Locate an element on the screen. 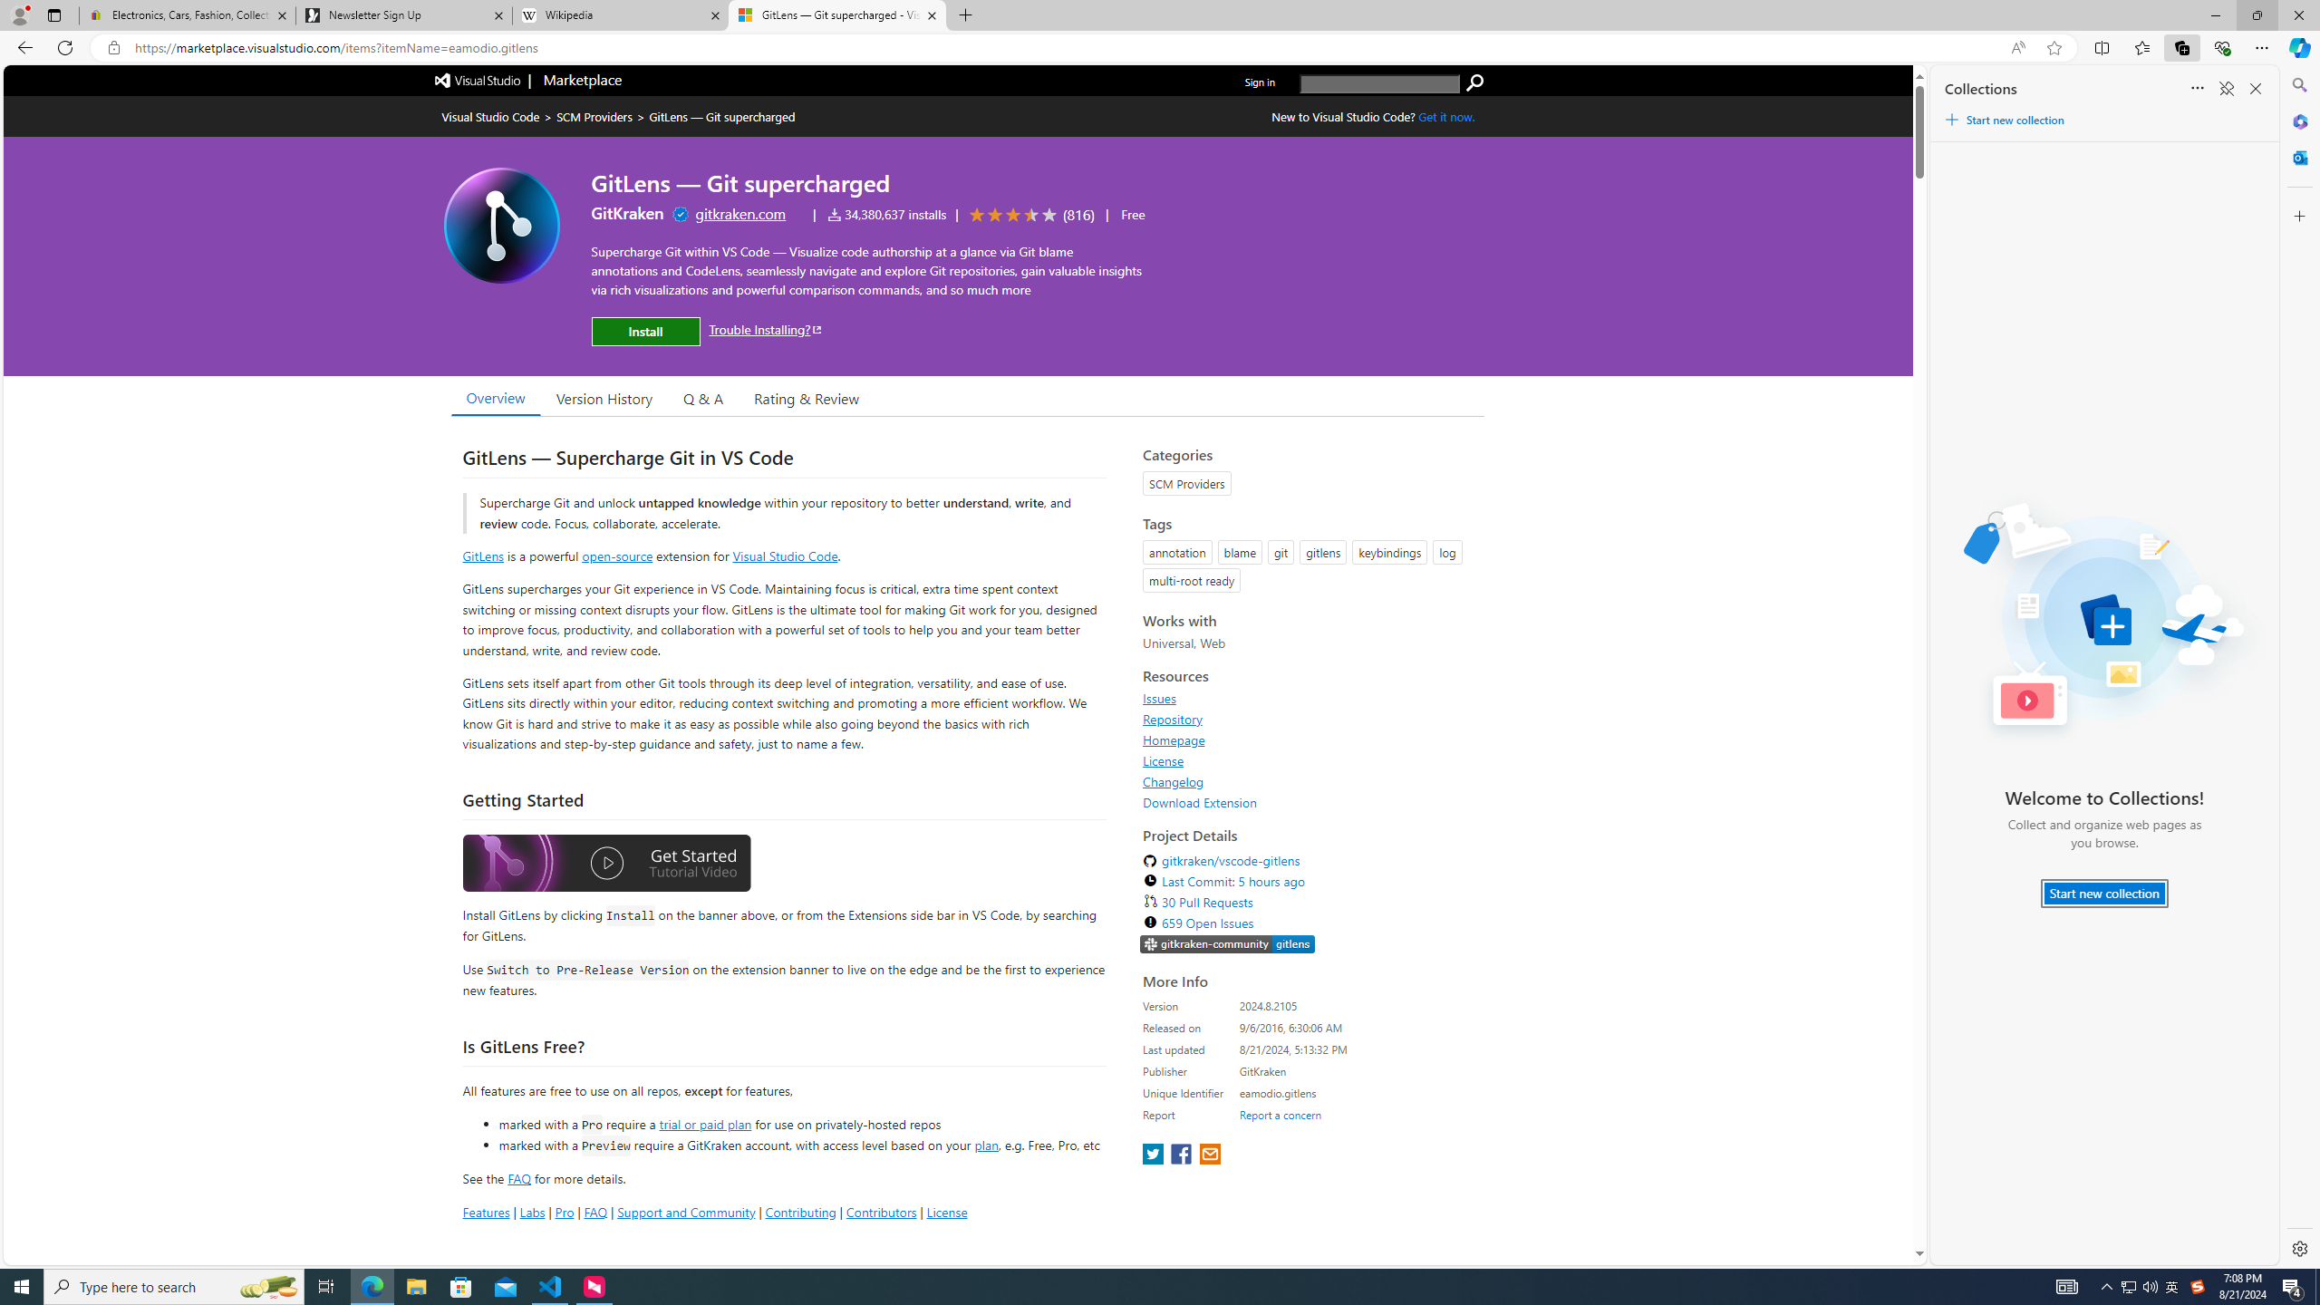 The image size is (2320, 1305). 'Changelog' is located at coordinates (1174, 780).